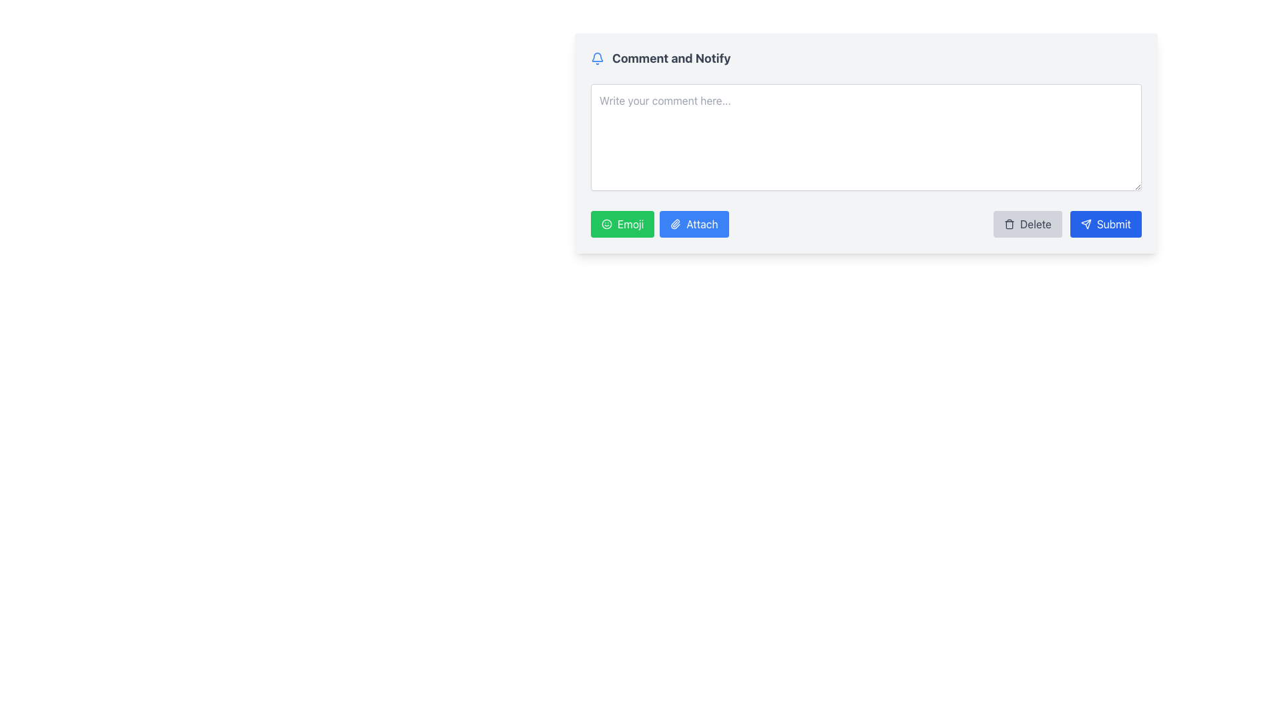  I want to click on the 'Emoji' button in the horizontal button group, which features a green background with a smiley face icon, so click(660, 223).